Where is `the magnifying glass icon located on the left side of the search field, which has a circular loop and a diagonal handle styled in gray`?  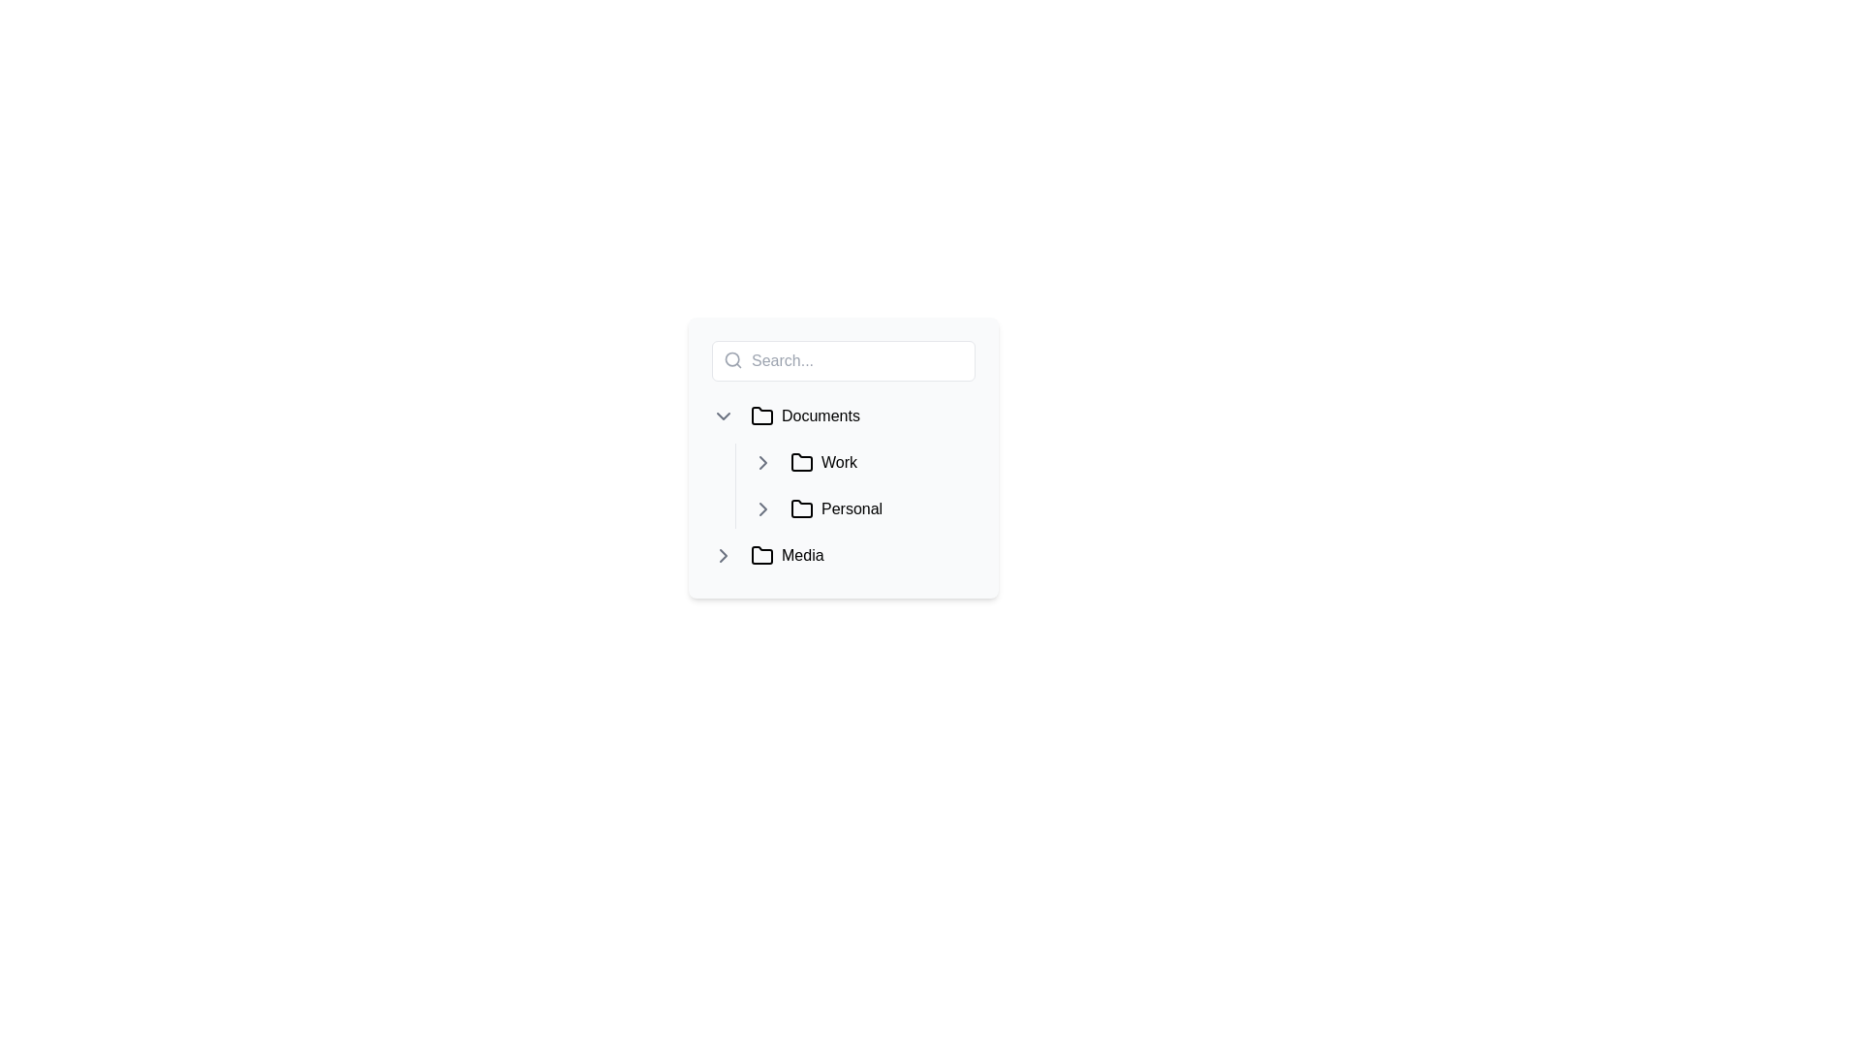 the magnifying glass icon located on the left side of the search field, which has a circular loop and a diagonal handle styled in gray is located at coordinates (732, 359).